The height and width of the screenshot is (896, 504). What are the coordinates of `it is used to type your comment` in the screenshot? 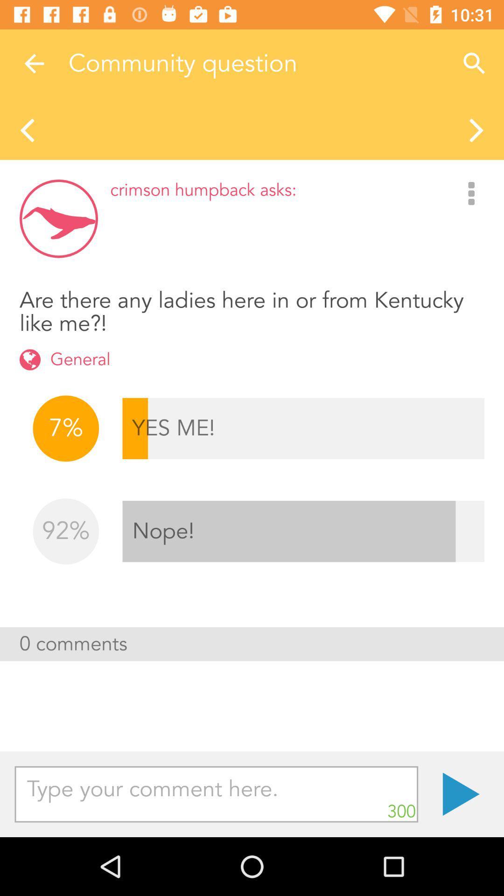 It's located at (216, 794).